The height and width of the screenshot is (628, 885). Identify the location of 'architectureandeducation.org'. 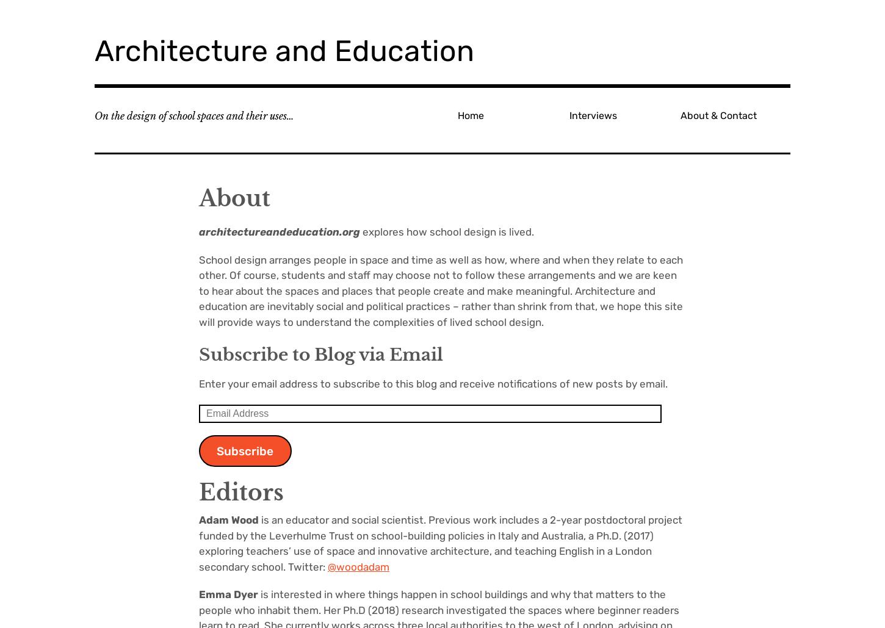
(279, 231).